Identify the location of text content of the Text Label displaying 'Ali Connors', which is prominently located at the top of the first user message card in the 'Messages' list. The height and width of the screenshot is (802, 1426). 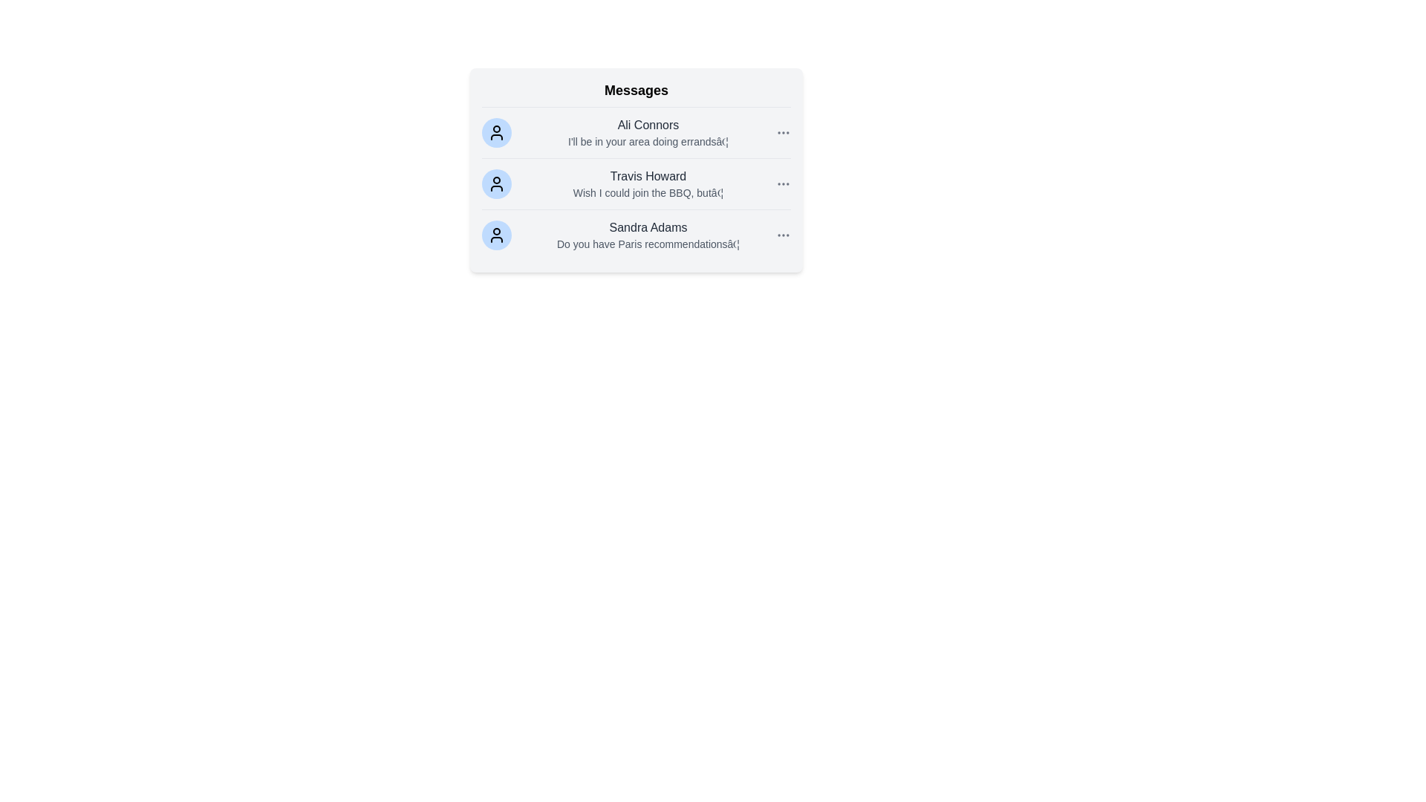
(648, 125).